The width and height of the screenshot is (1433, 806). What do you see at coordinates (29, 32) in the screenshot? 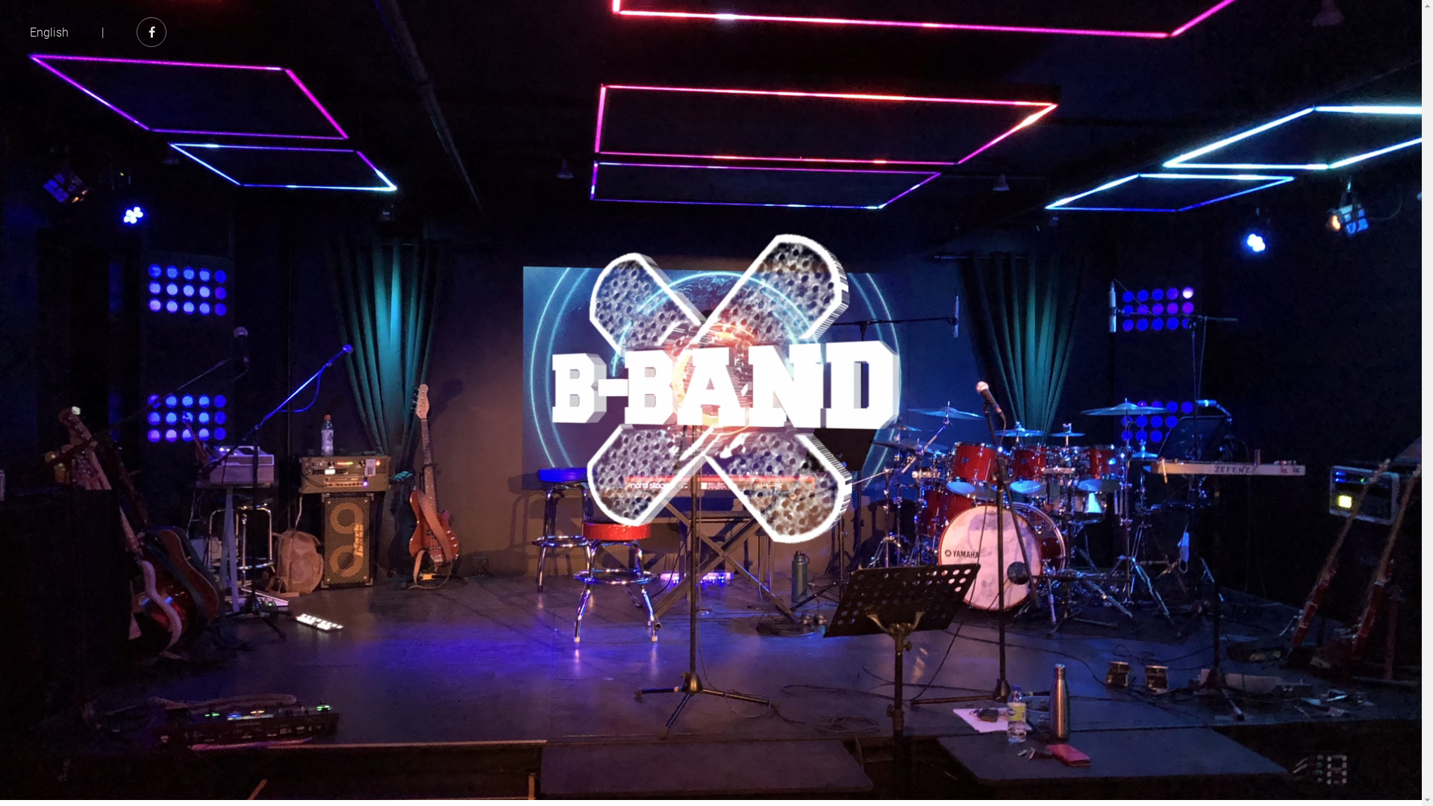
I see `'English'` at bounding box center [29, 32].